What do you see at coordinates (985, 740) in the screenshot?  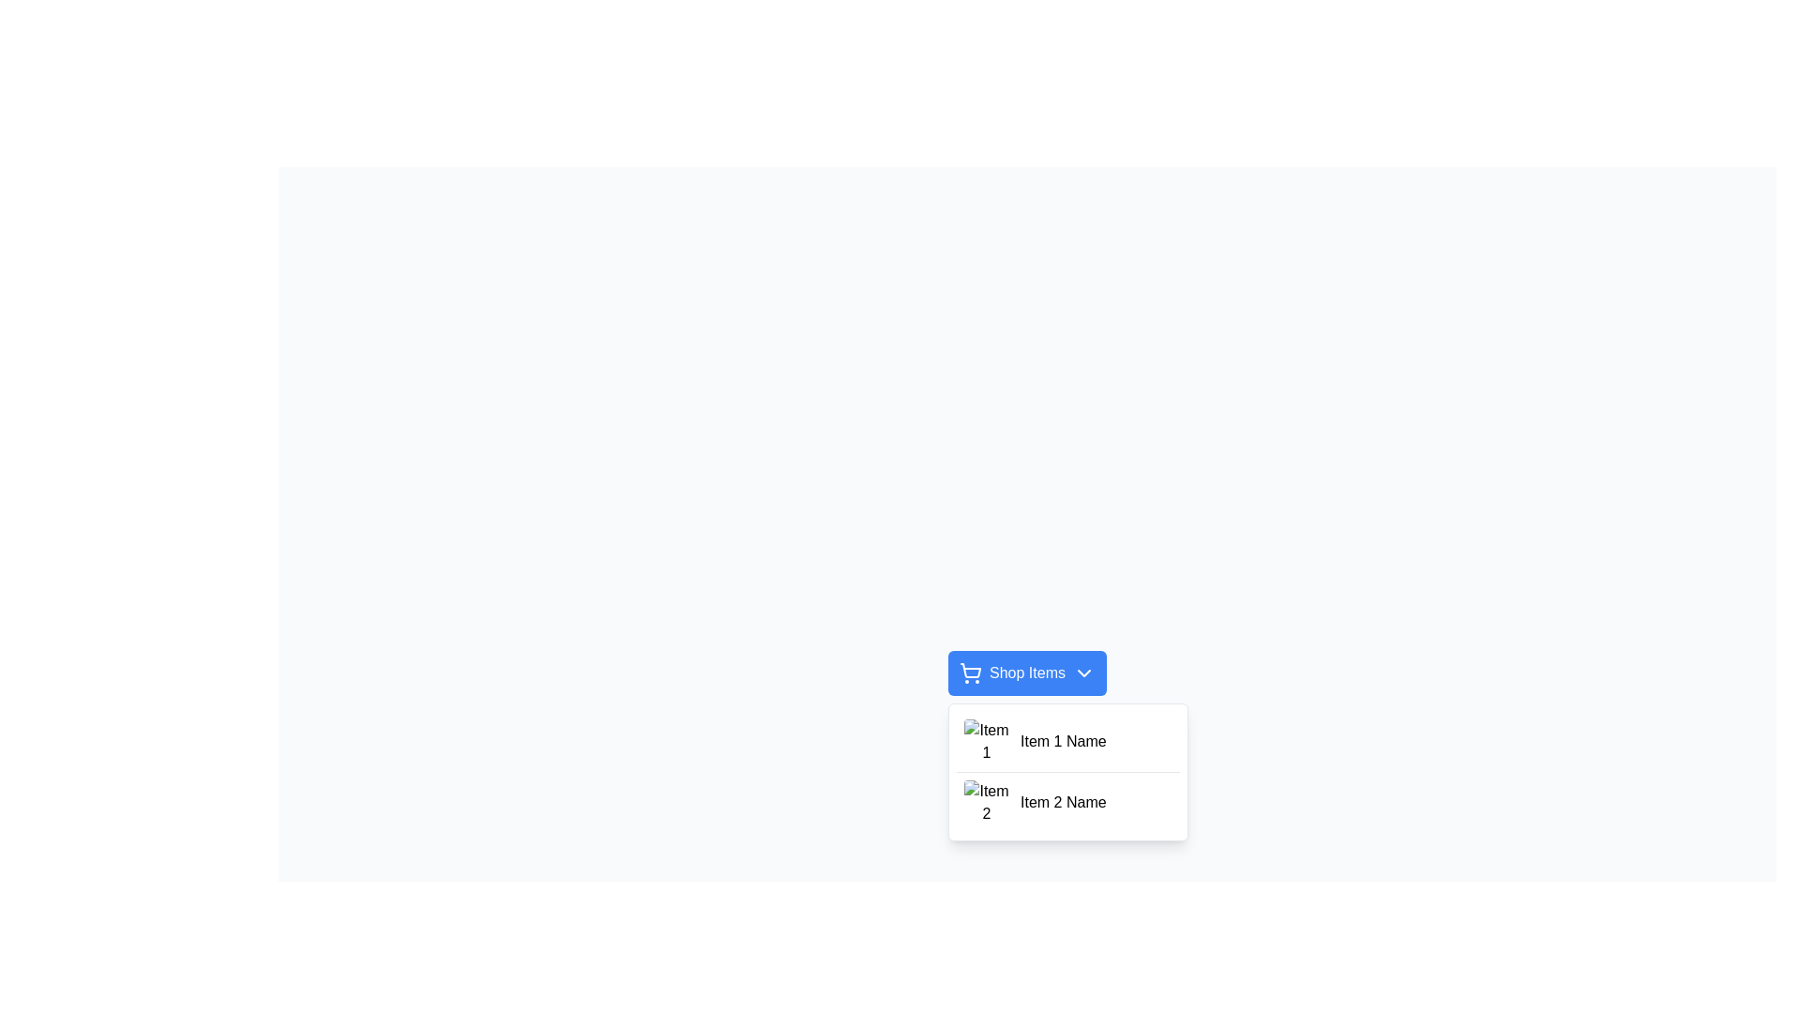 I see `the square-shaped image with rounded corners that displays a placeholder icon for an image and the text 'Item 1', located` at bounding box center [985, 740].